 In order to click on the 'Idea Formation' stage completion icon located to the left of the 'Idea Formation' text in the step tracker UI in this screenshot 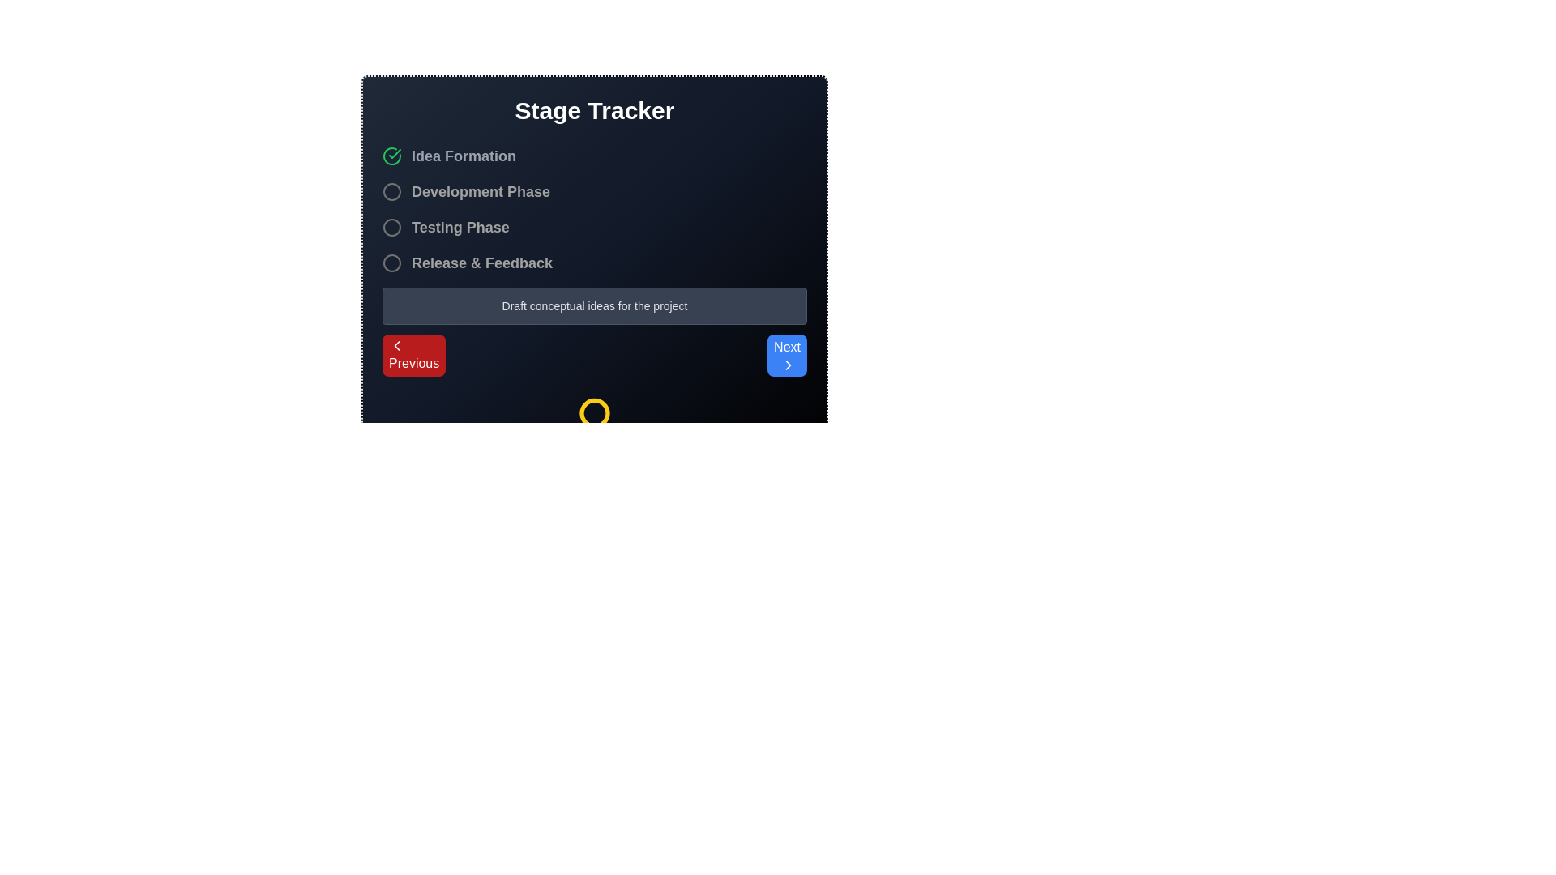, I will do `click(392, 156)`.